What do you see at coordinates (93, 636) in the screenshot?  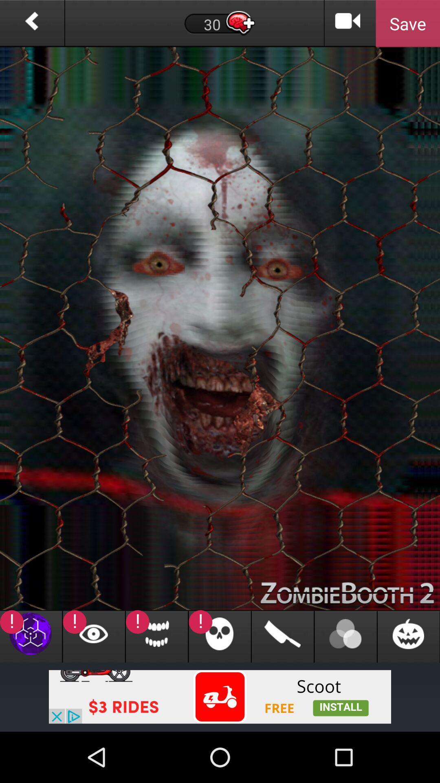 I see `visible icon` at bounding box center [93, 636].